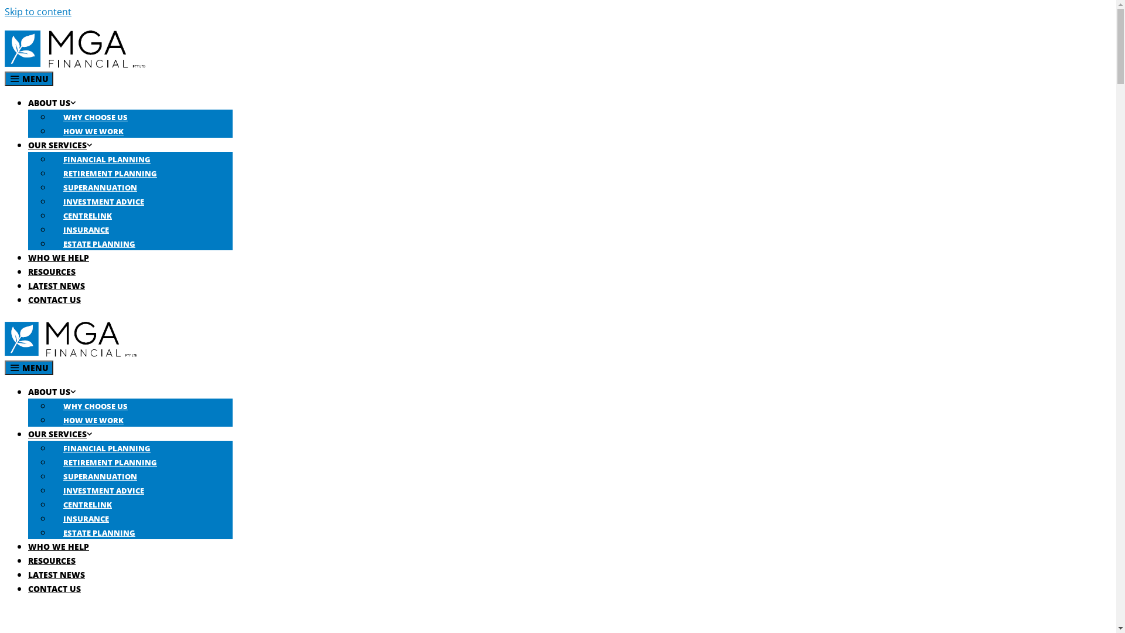  Describe the element at coordinates (56, 574) in the screenshot. I see `'LATEST NEWS'` at that location.